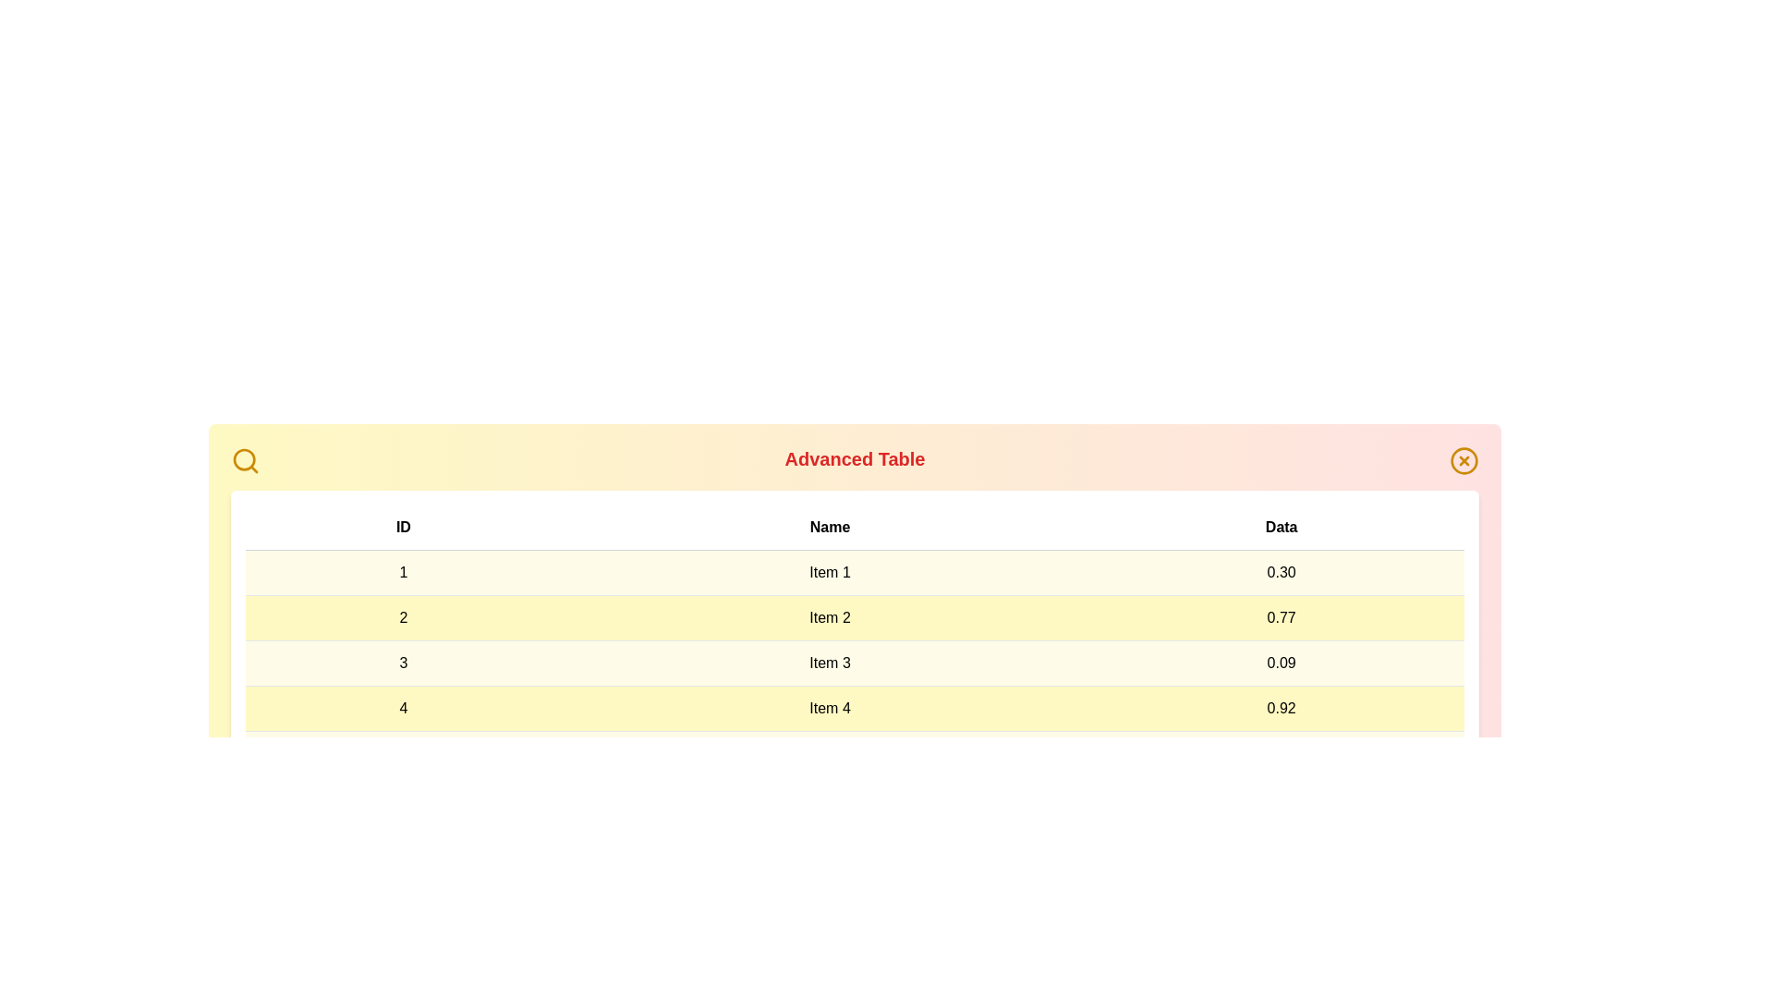 This screenshot has height=998, width=1774. I want to click on the row corresponding to 4, so click(854, 708).